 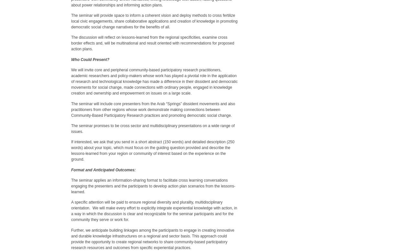 I want to click on 'Format and Anticipated Outcomes:', so click(x=103, y=170).